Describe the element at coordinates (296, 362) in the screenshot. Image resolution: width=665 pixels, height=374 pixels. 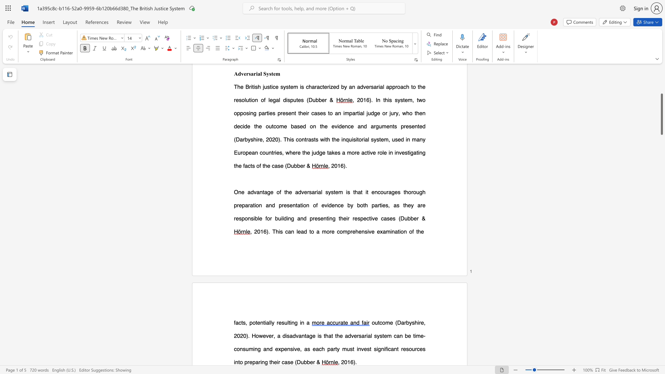
I see `the subset text "Dubbe" within the text "(Dubber &"` at that location.